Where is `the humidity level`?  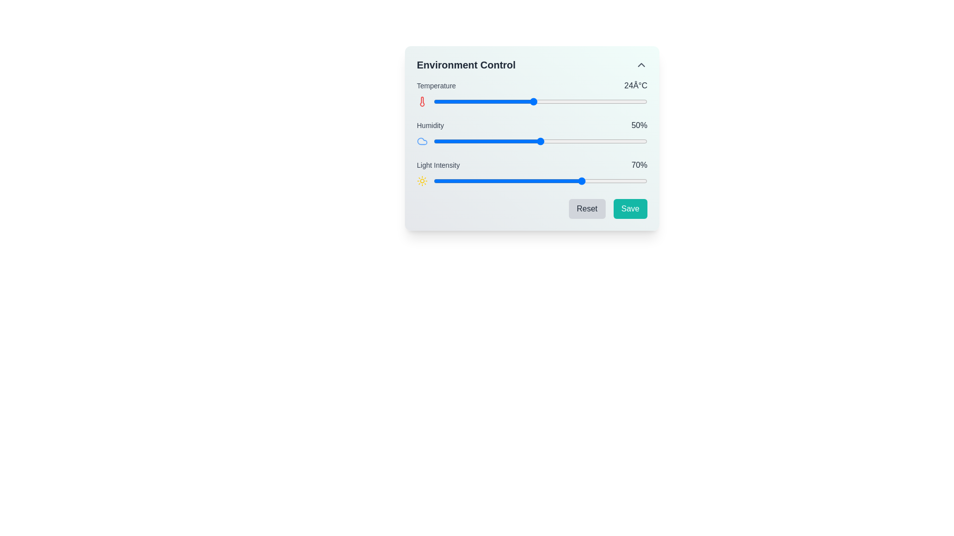
the humidity level is located at coordinates (446, 141).